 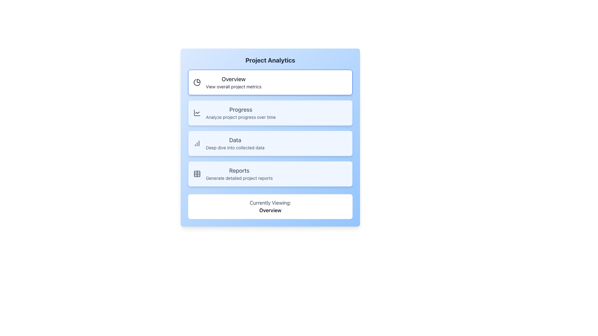 I want to click on the text label that reads 'Analyze project progress over time.' which is located within a light blue card section below the 'Progress' header, so click(x=240, y=117).